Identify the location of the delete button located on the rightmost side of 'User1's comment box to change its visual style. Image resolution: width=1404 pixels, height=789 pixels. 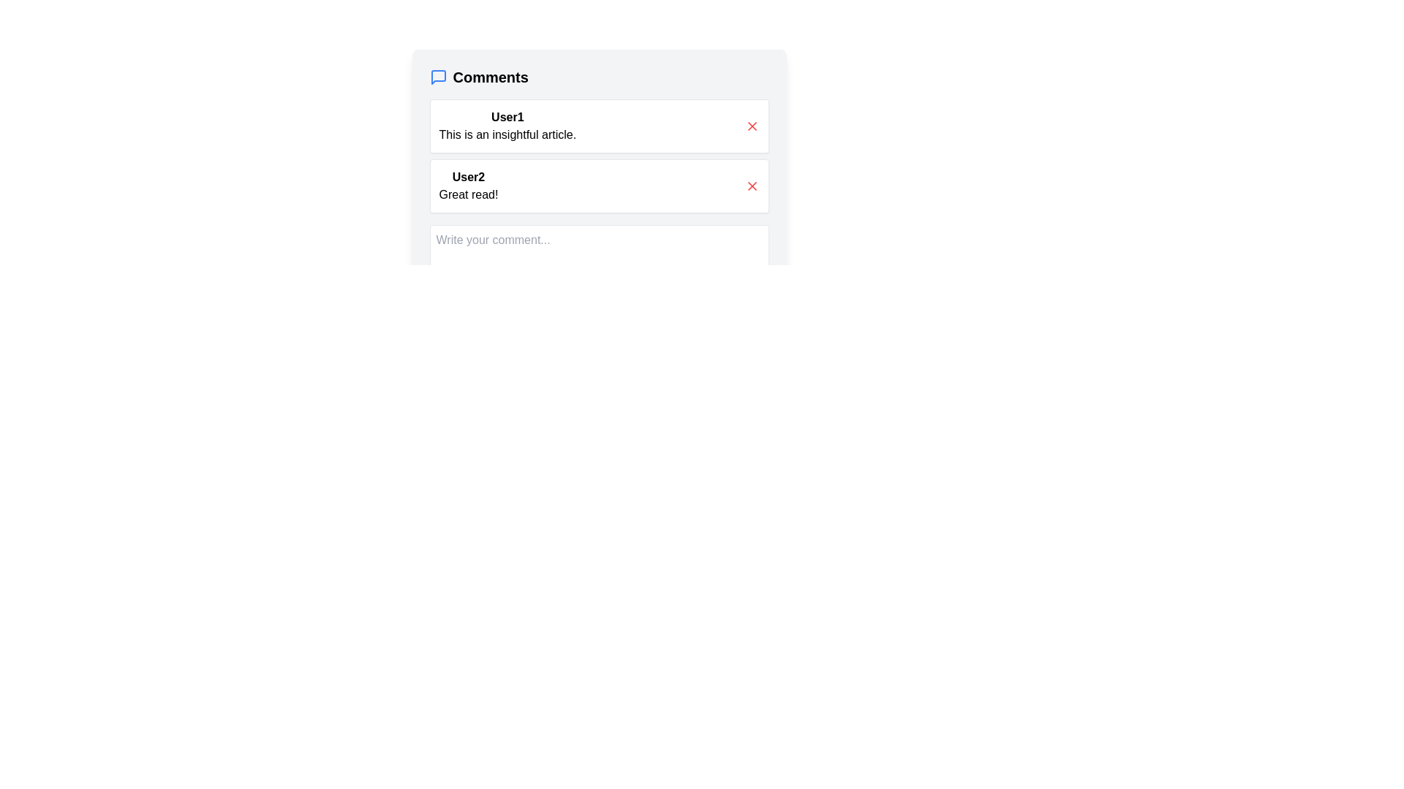
(752, 126).